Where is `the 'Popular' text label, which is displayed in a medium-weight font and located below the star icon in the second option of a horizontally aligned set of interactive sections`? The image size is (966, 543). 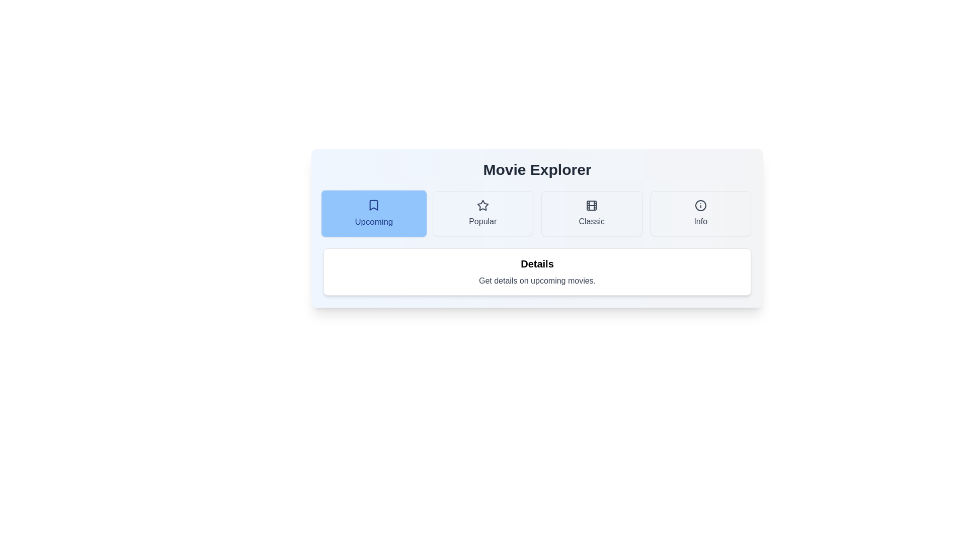
the 'Popular' text label, which is displayed in a medium-weight font and located below the star icon in the second option of a horizontally aligned set of interactive sections is located at coordinates (482, 221).